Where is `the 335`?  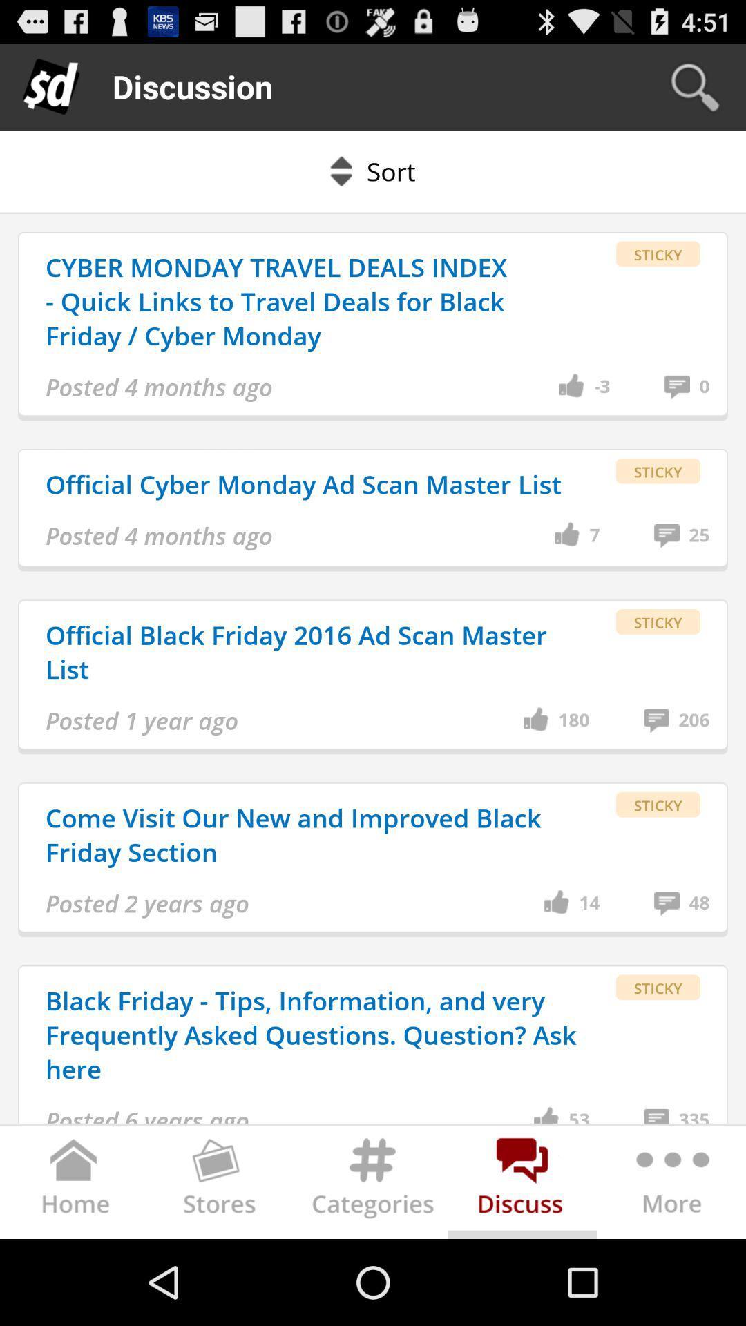
the 335 is located at coordinates (694, 1115).